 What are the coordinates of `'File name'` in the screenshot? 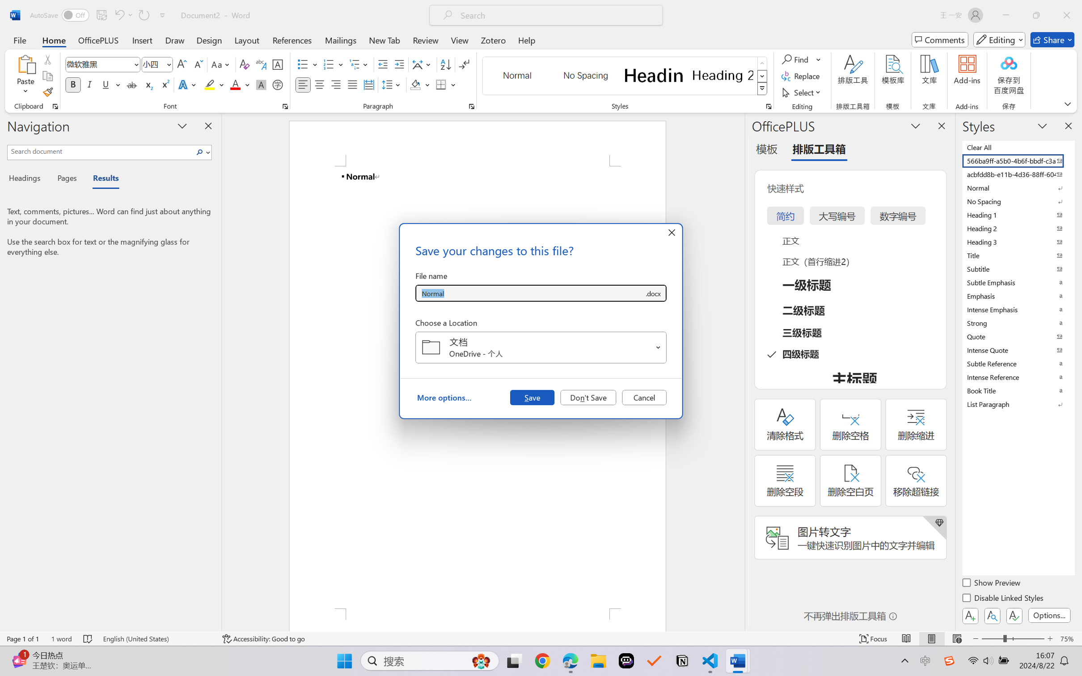 It's located at (529, 293).